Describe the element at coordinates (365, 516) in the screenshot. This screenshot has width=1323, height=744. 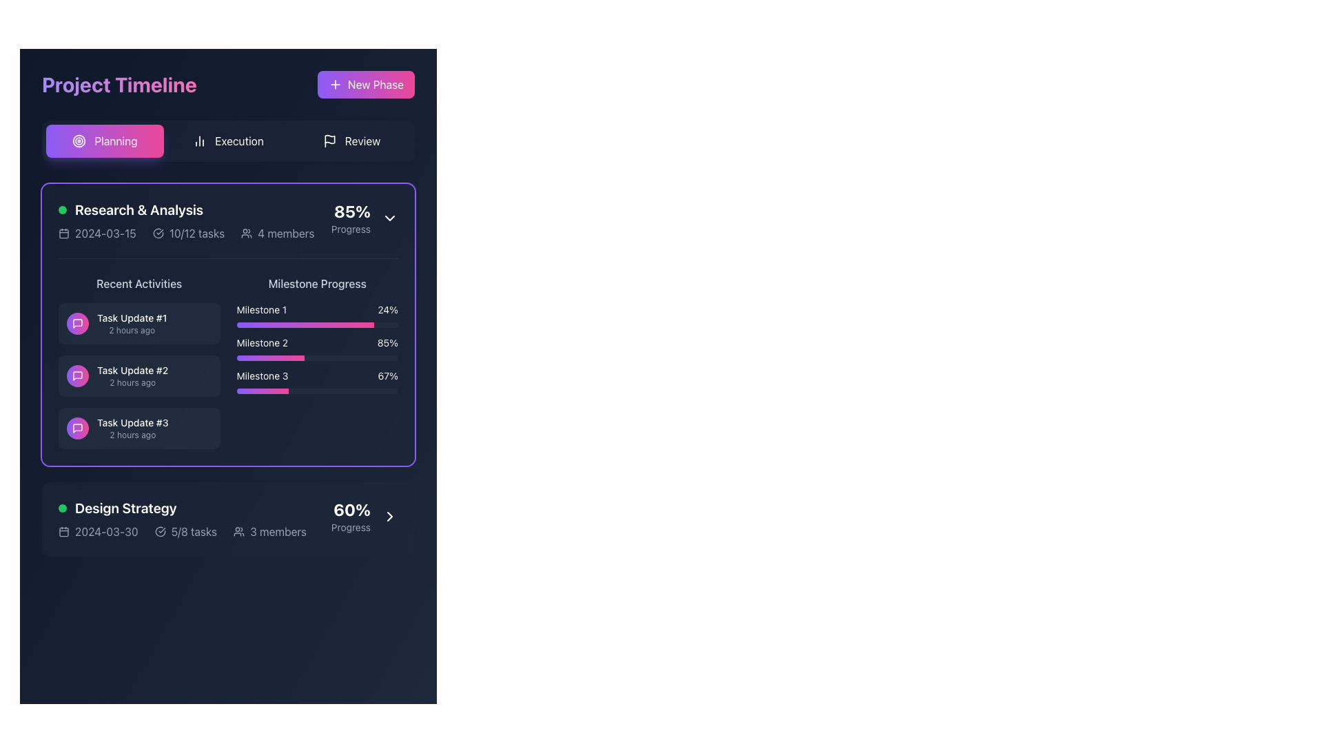
I see `the progress indicator displaying '60%' in bold text` at that location.